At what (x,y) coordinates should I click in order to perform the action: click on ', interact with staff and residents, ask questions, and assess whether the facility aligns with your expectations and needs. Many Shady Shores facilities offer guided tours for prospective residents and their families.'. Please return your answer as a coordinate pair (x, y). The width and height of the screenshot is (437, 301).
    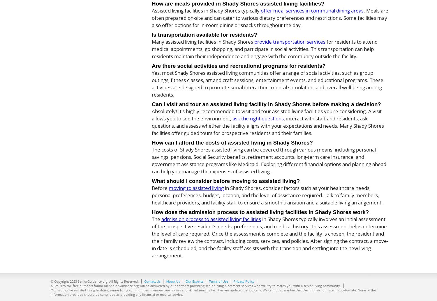
    Looking at the image, I should click on (151, 126).